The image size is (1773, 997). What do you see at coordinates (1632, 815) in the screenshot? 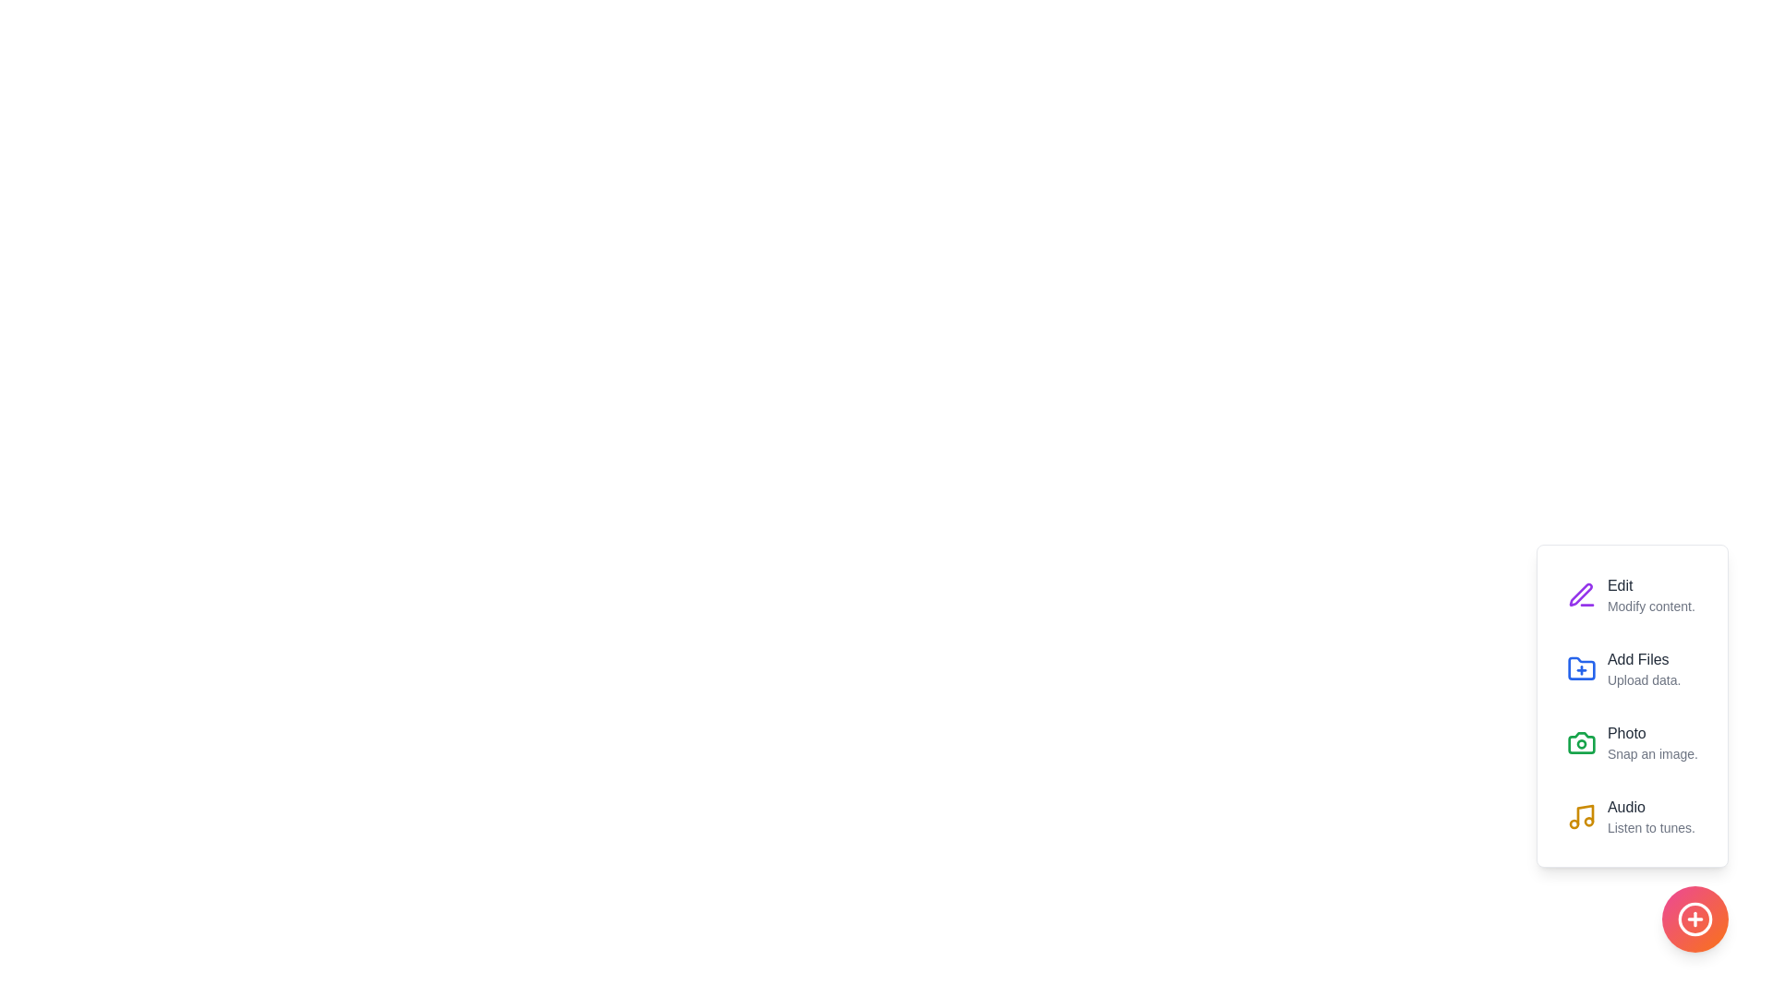
I see `the Audio option from the menu` at bounding box center [1632, 815].